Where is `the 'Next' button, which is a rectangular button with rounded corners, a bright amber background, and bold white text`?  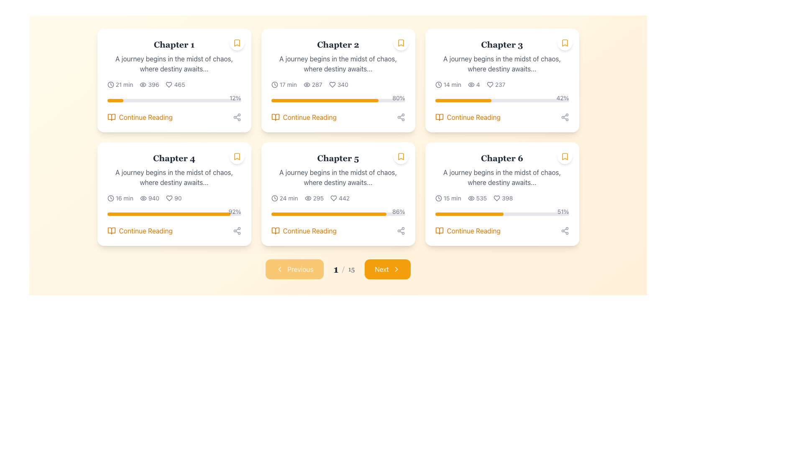
the 'Next' button, which is a rectangular button with rounded corners, a bright amber background, and bold white text is located at coordinates (387, 269).